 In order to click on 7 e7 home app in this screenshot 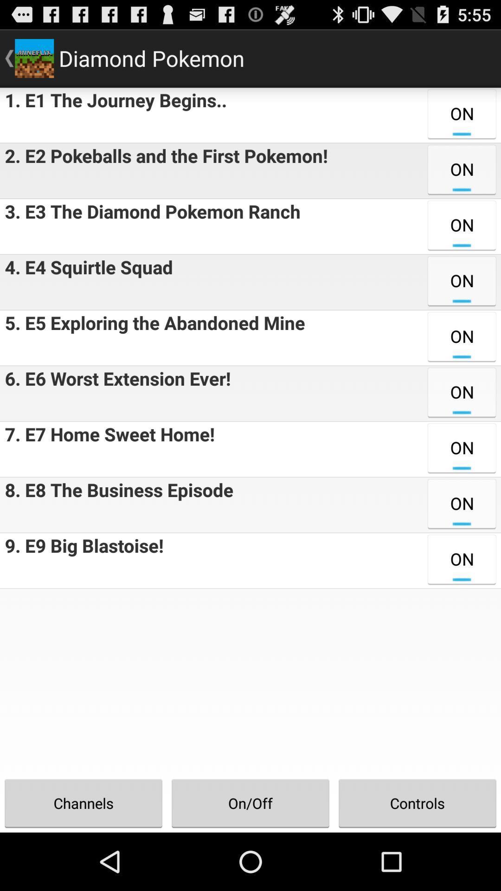, I will do `click(107, 449)`.